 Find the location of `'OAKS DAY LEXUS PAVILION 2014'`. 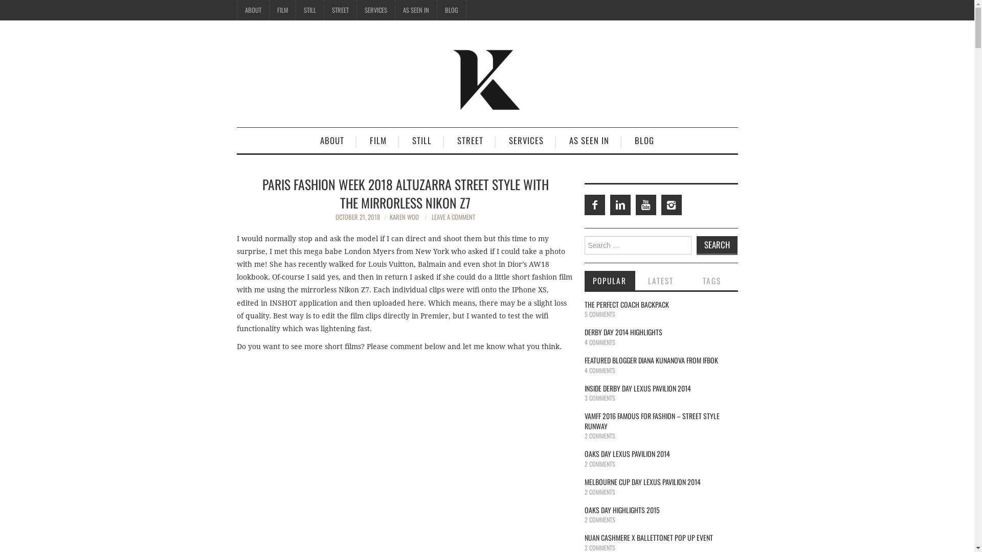

'OAKS DAY LEXUS PAVILION 2014' is located at coordinates (626, 453).